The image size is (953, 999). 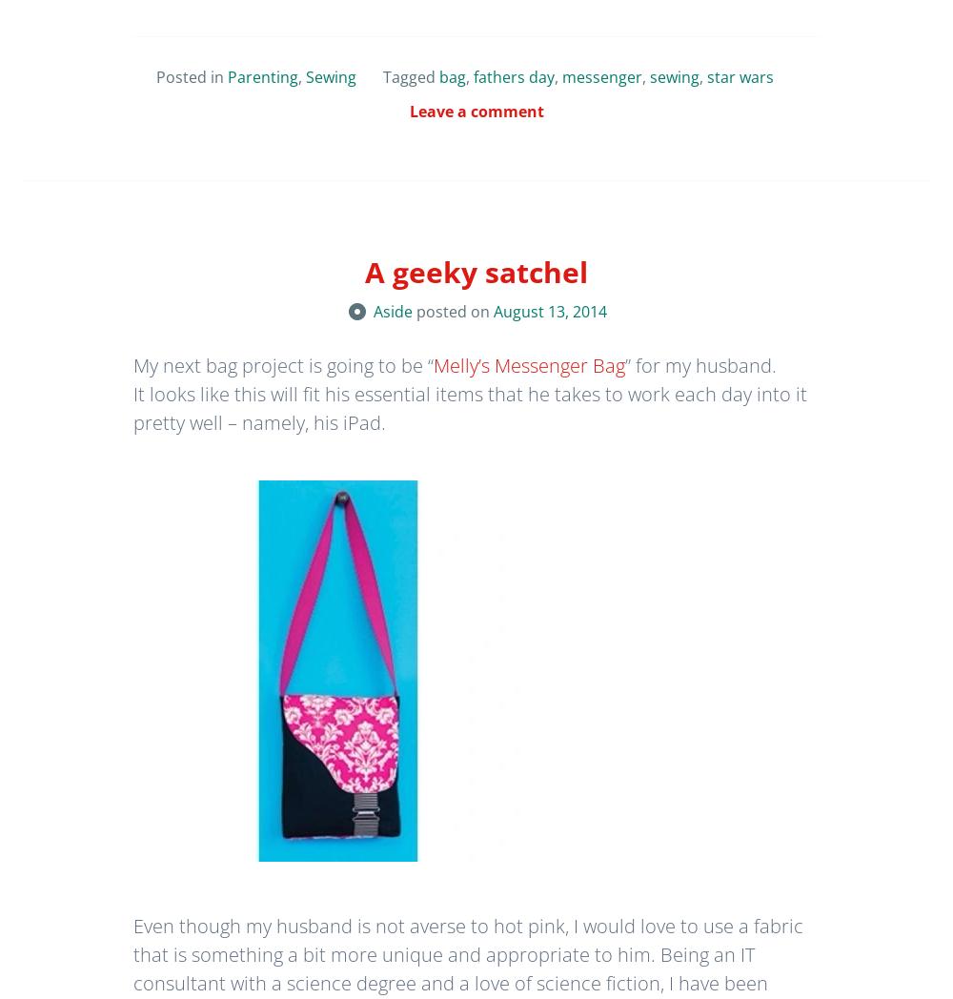 What do you see at coordinates (514, 77) in the screenshot?
I see `'fathers day'` at bounding box center [514, 77].